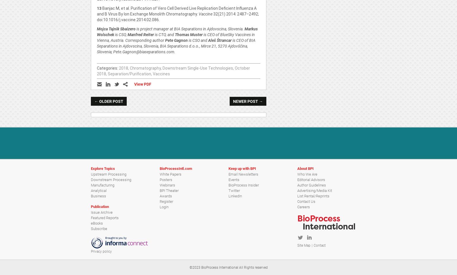 Image resolution: width=457 pixels, height=275 pixels. What do you see at coordinates (91, 251) in the screenshot?
I see `'Privacy policy'` at bounding box center [91, 251].